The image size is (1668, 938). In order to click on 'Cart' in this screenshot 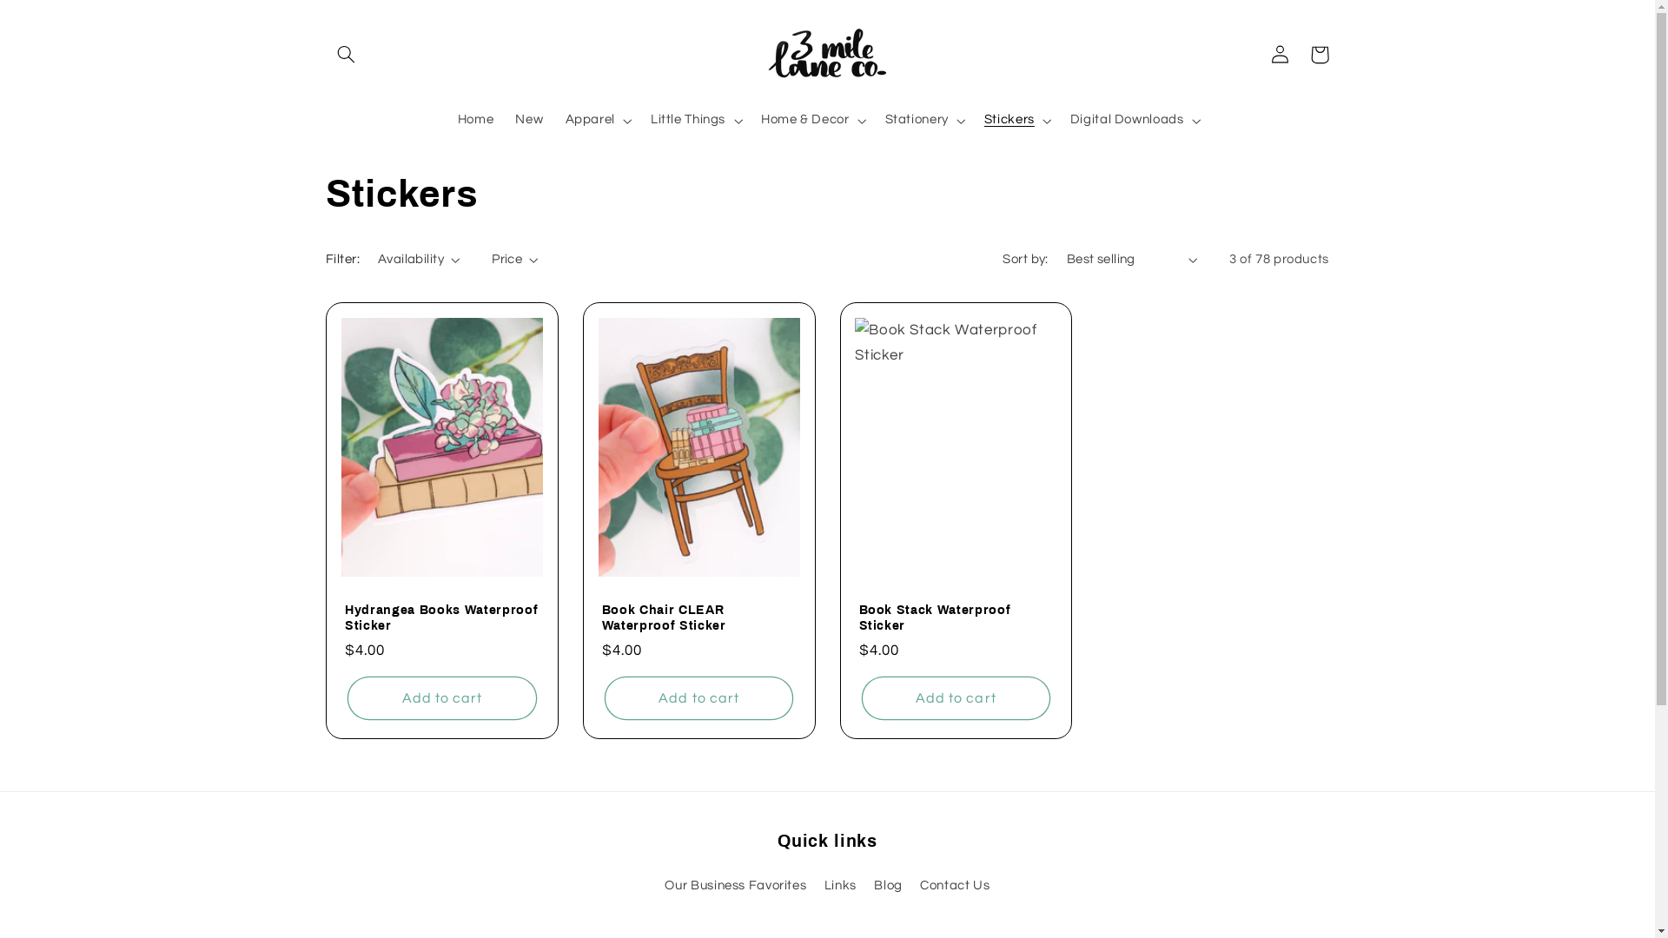, I will do `click(1319, 53)`.